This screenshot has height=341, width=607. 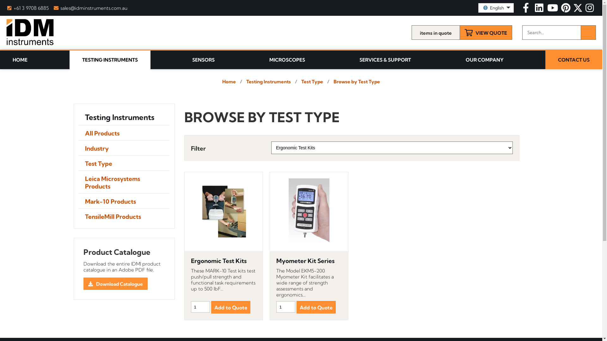 I want to click on 'IDM Instruments on LinkedIn', so click(x=533, y=9).